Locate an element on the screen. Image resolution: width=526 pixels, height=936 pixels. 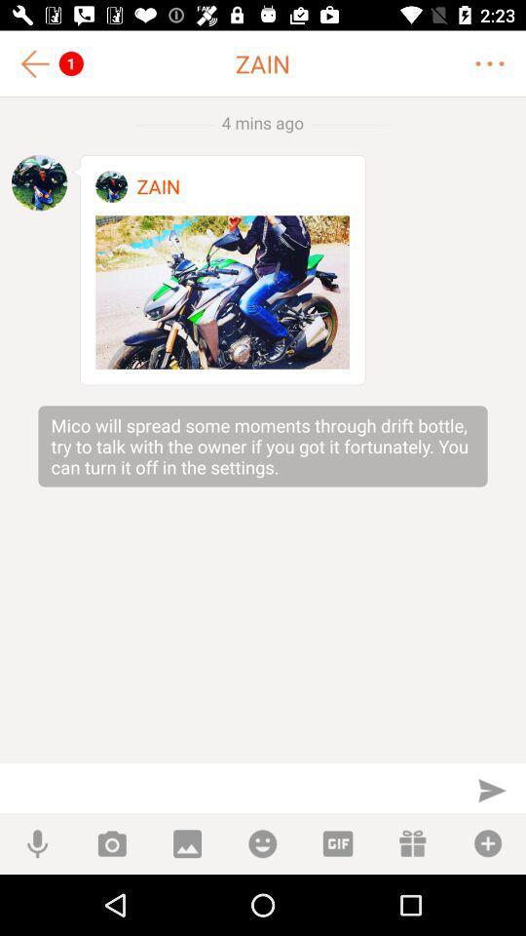
the add icon is located at coordinates (487, 842).